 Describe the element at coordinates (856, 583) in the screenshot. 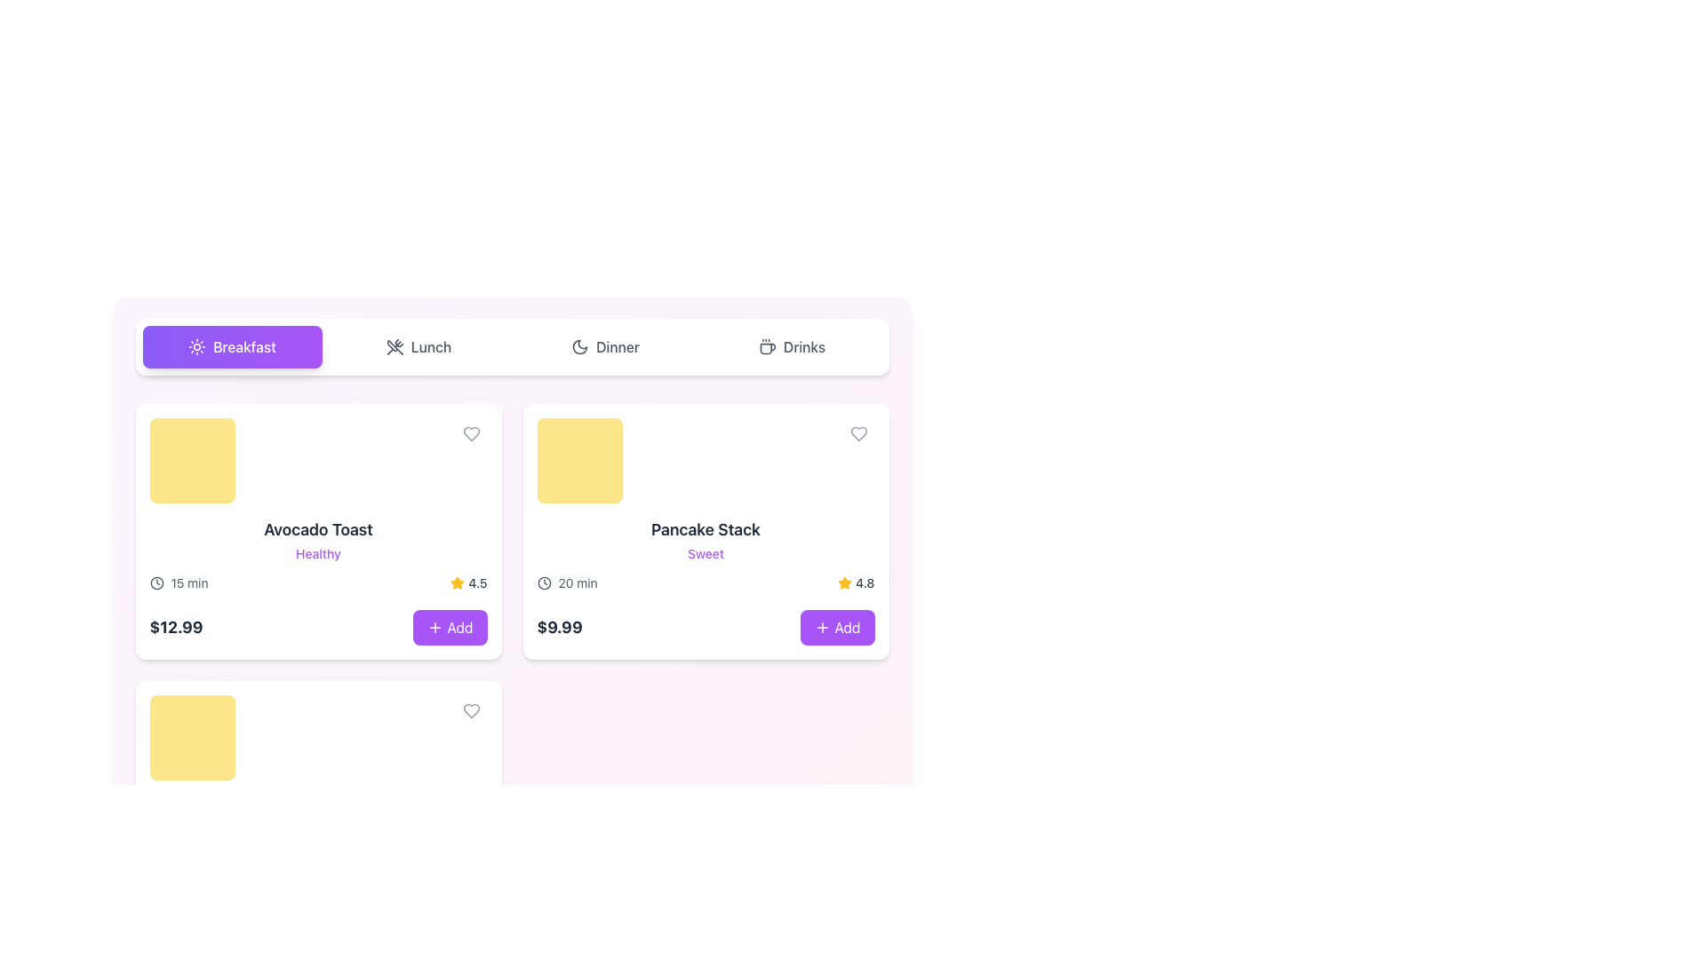

I see `rating value '4.8' displayed next to the gold-colored star icon in the rating display located below the name 'Pancake Stack' on the right card of a two-card row layout` at that location.